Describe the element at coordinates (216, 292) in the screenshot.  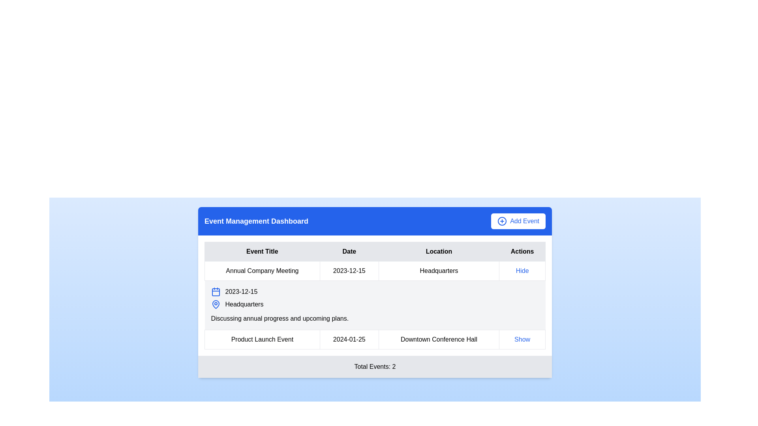
I see `the Decorative SVG shape within the calendar icon located at the top left of its bounding structure in the Event Management Dashboard` at that location.